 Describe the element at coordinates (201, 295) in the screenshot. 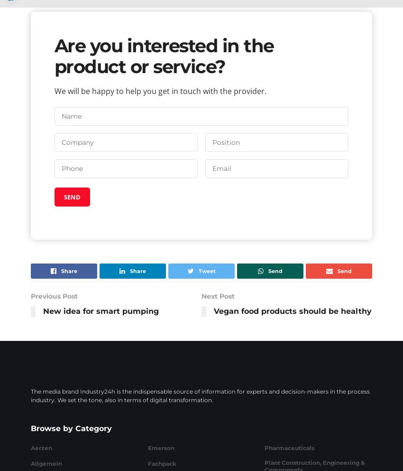

I see `'Next Post'` at that location.